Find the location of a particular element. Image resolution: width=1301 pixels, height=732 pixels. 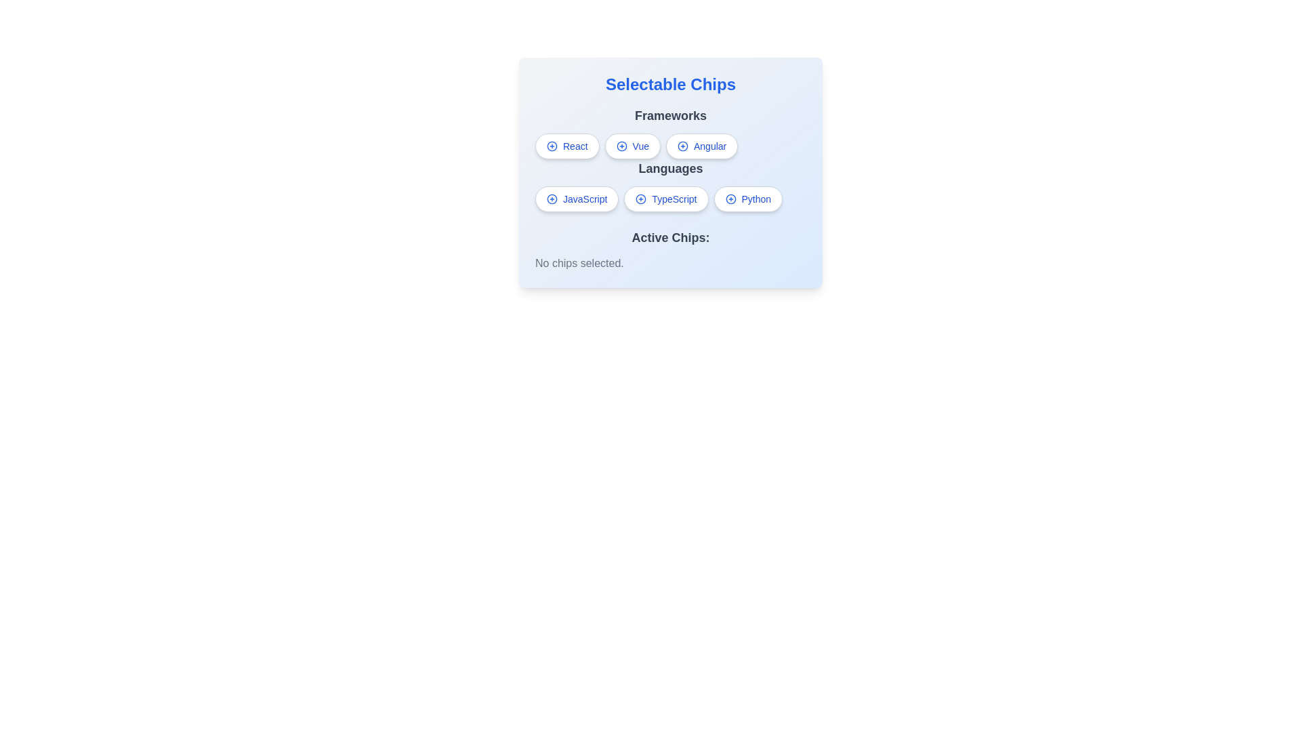

the blue circular icon with a plus sign (+) is located at coordinates (552, 146).